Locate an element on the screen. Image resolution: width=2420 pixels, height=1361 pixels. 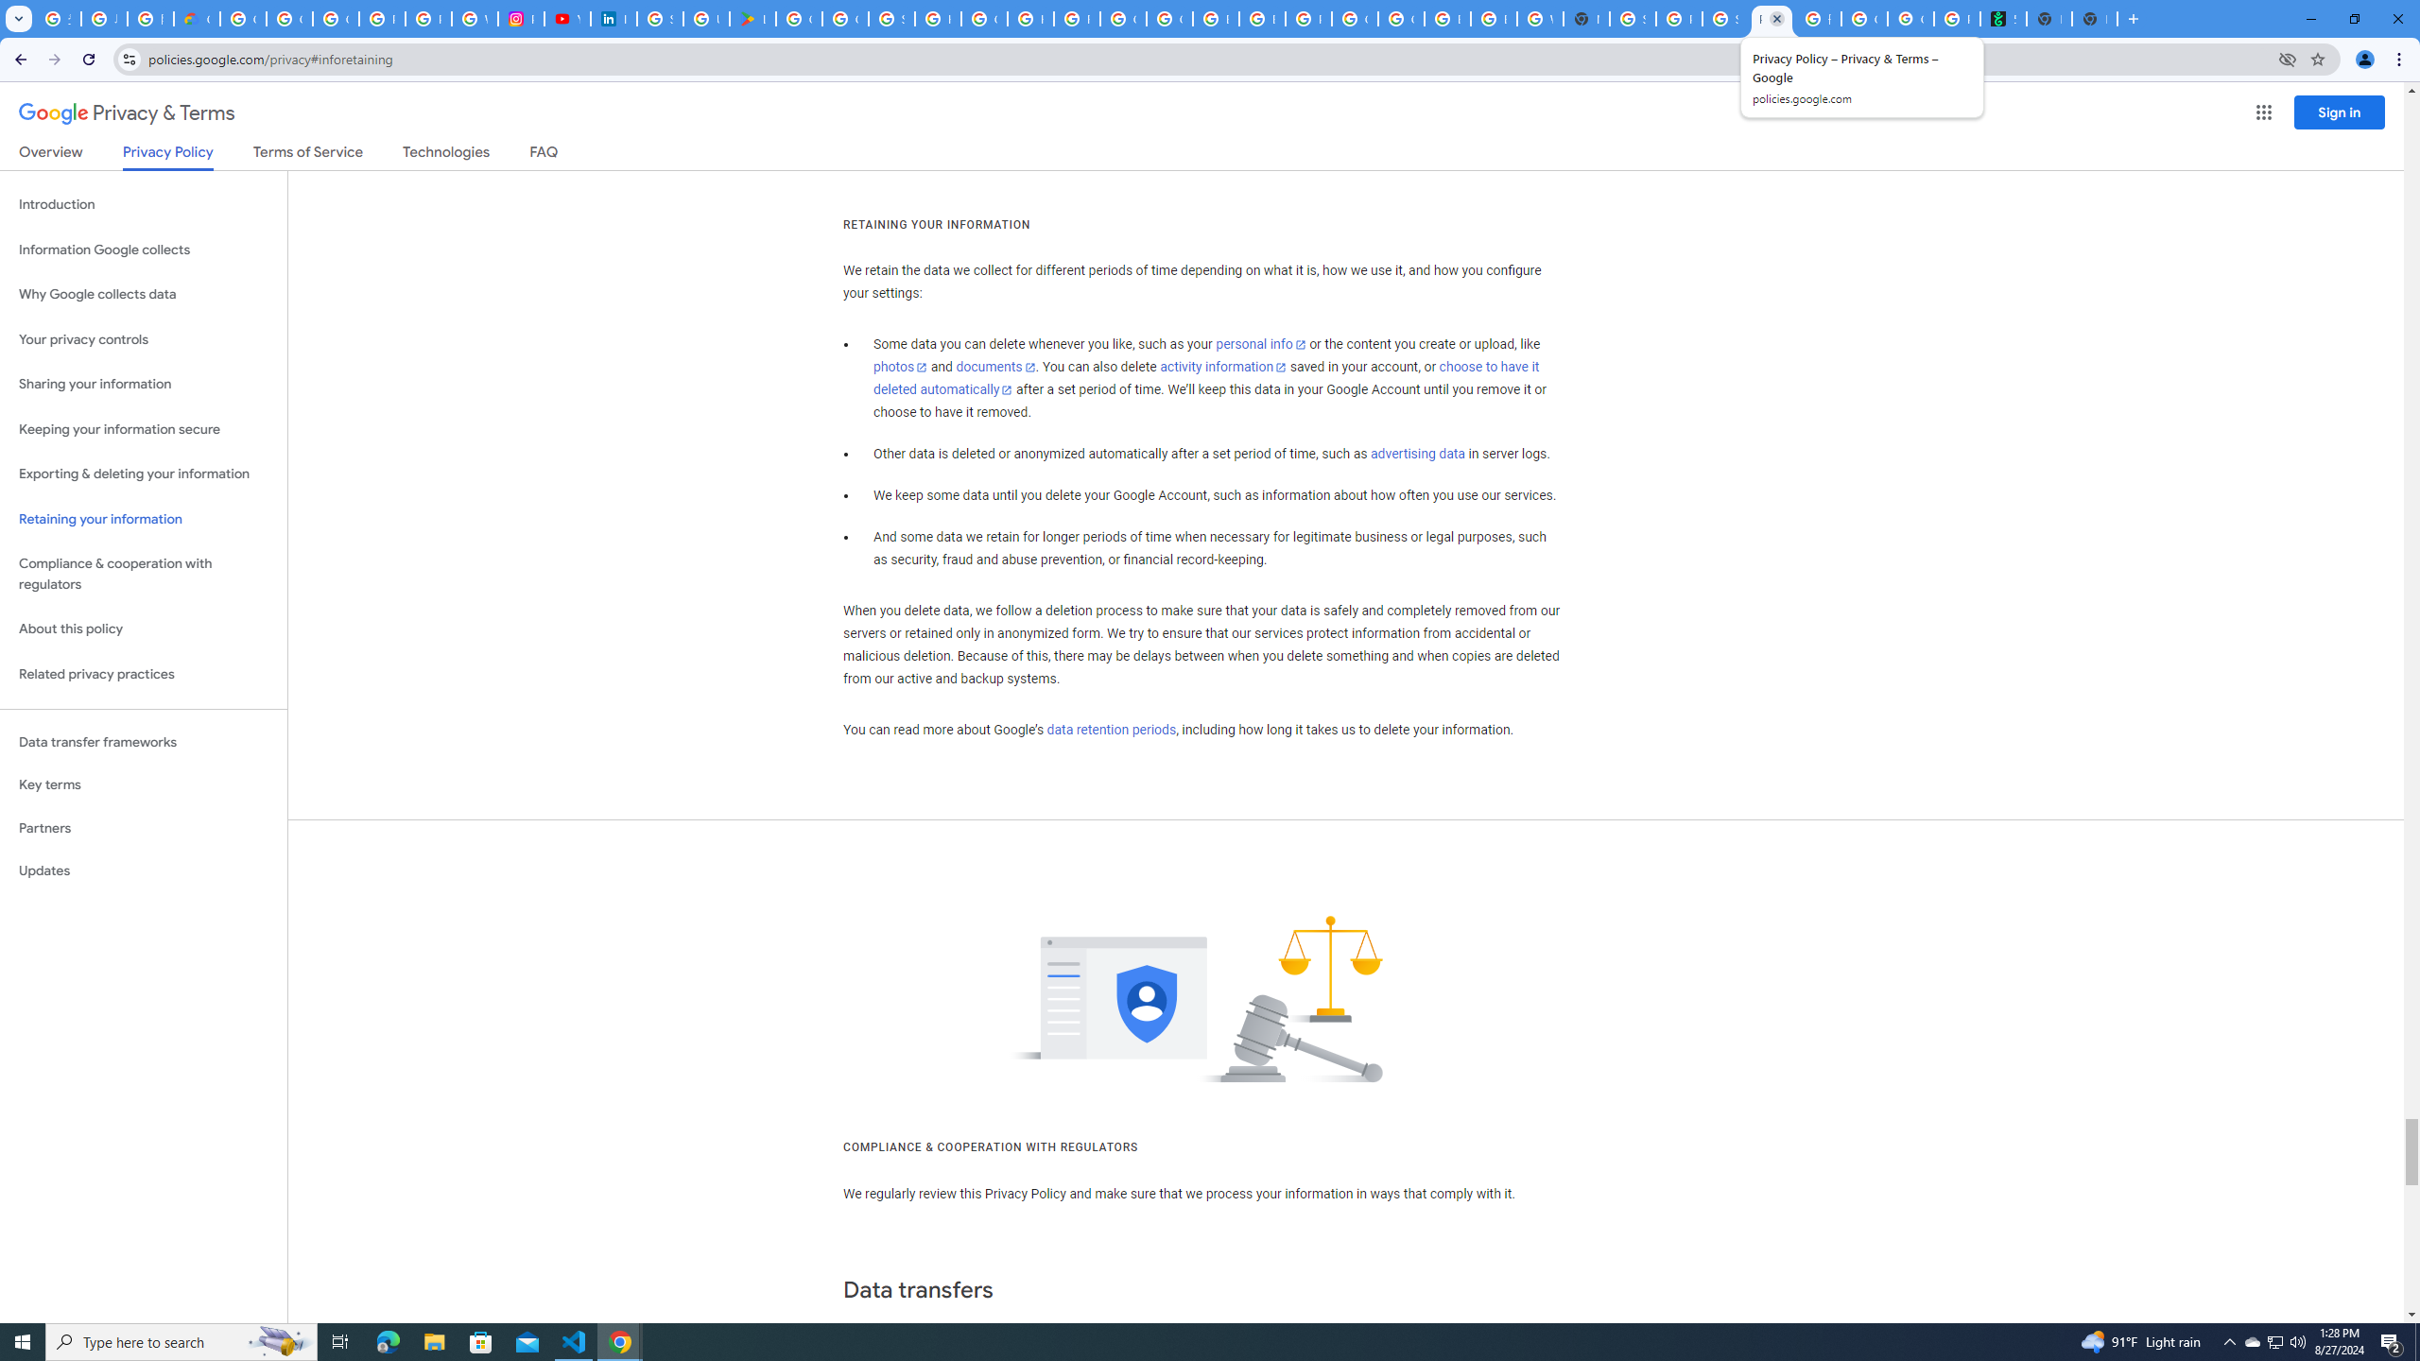
'advertising data' is located at coordinates (1415, 453).